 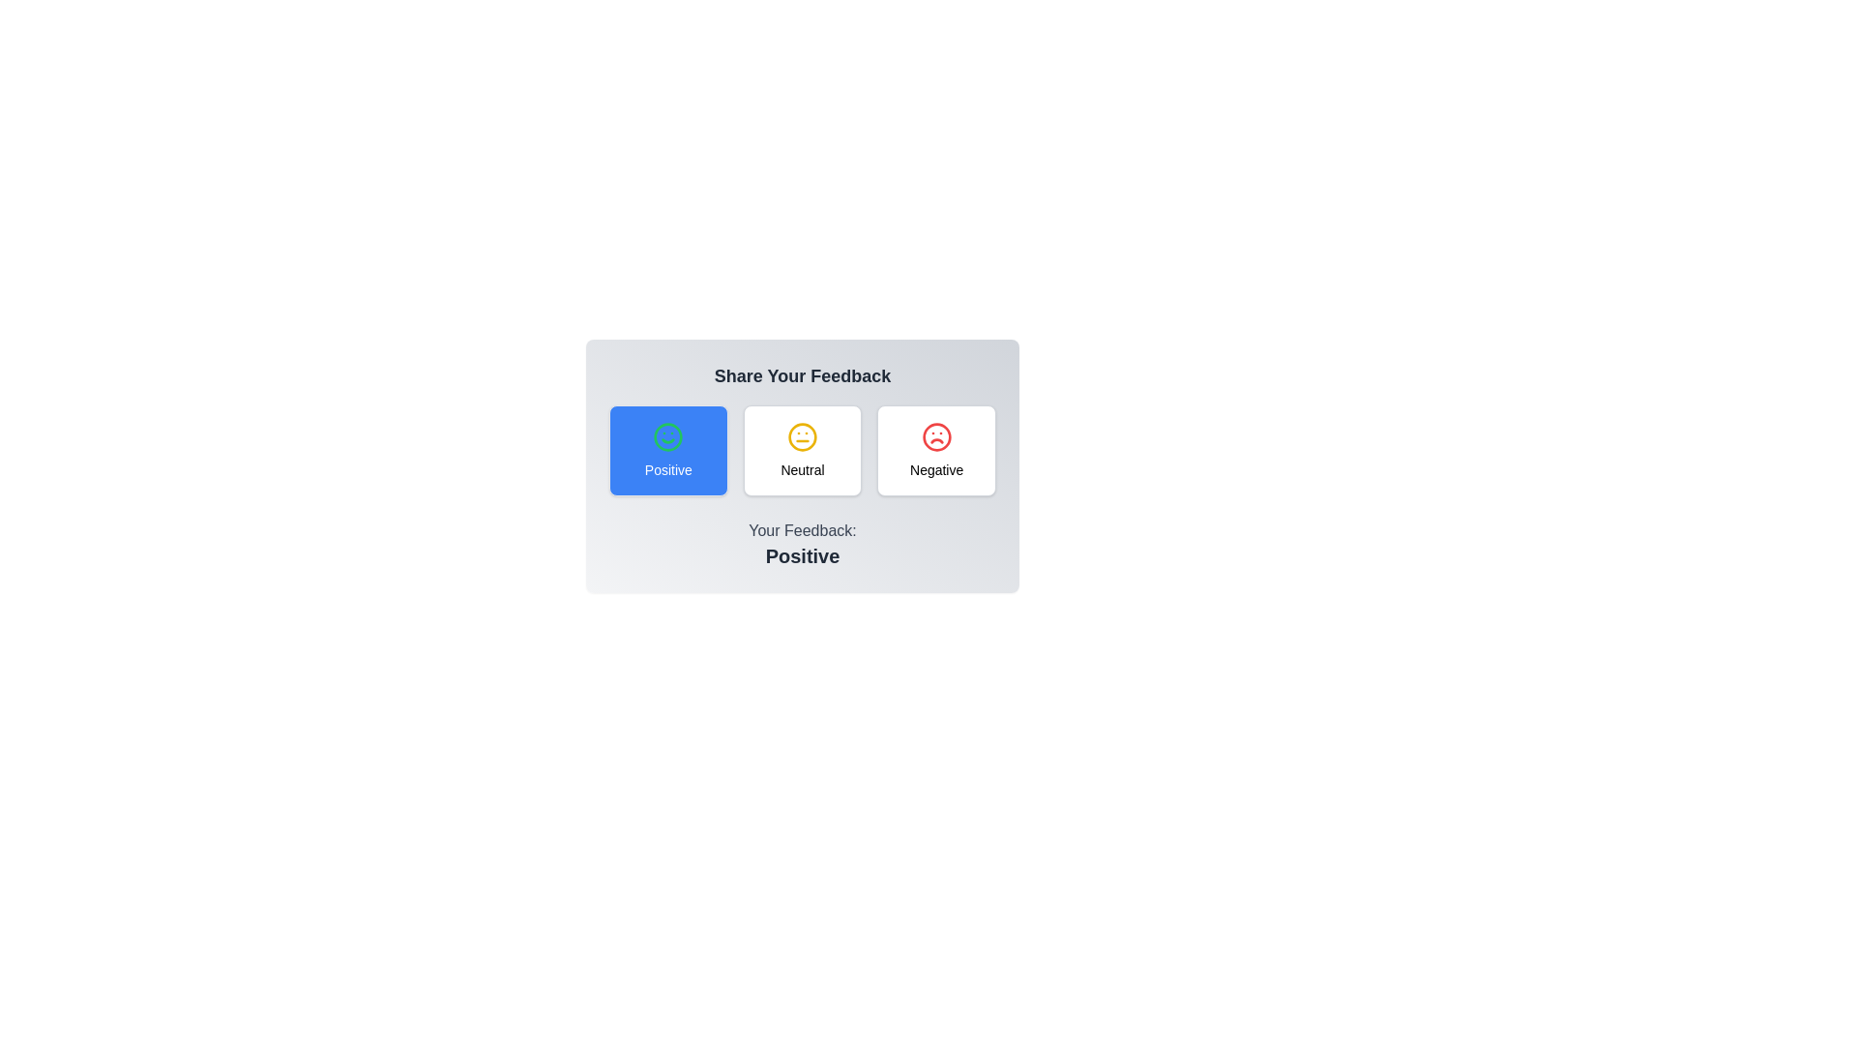 What do you see at coordinates (668, 451) in the screenshot?
I see `the feedback option Positive` at bounding box center [668, 451].